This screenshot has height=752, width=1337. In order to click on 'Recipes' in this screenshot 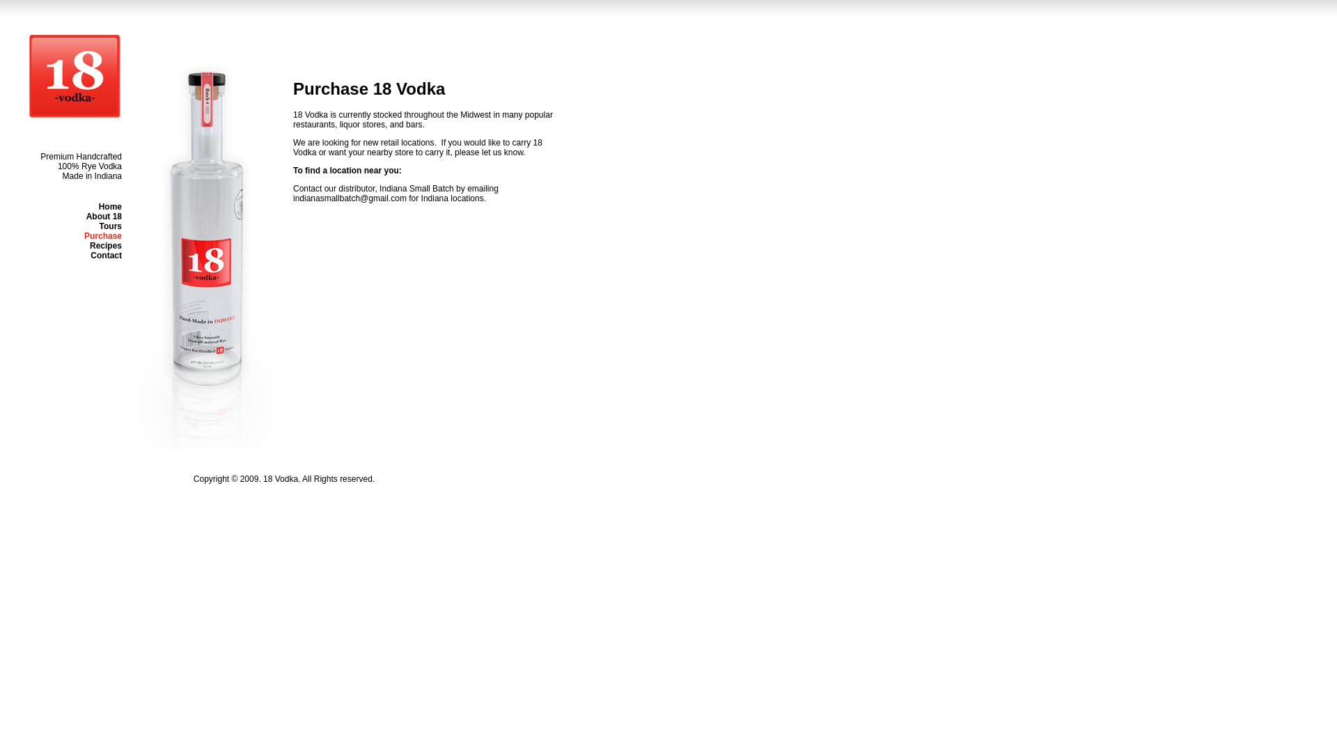, I will do `click(105, 245)`.